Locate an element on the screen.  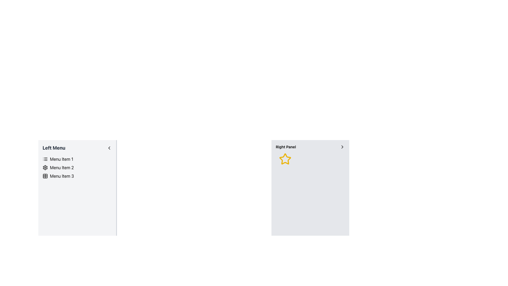
the icon representing the table or grid function located to the left of 'Menu Item 3' in the Left Menu section is located at coordinates (45, 176).